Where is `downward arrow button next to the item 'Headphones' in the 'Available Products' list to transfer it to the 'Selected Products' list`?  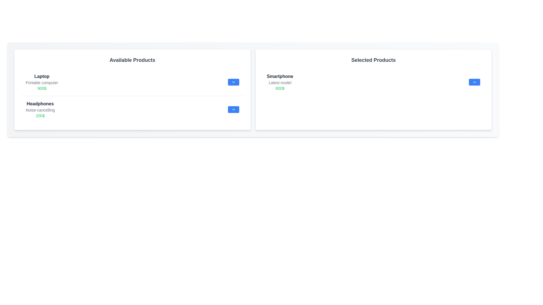 downward arrow button next to the item 'Headphones' in the 'Available Products' list to transfer it to the 'Selected Products' list is located at coordinates (233, 110).